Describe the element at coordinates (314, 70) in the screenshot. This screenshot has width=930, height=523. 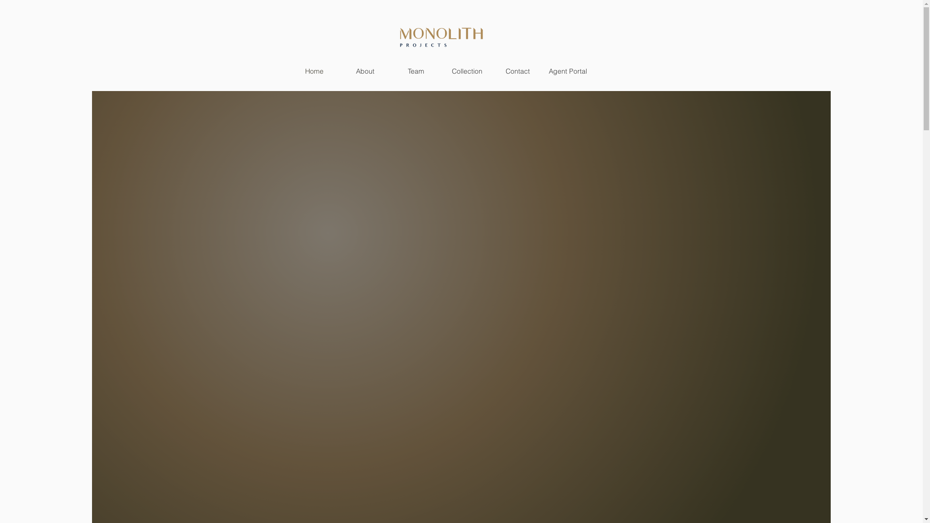
I see `'Home'` at that location.